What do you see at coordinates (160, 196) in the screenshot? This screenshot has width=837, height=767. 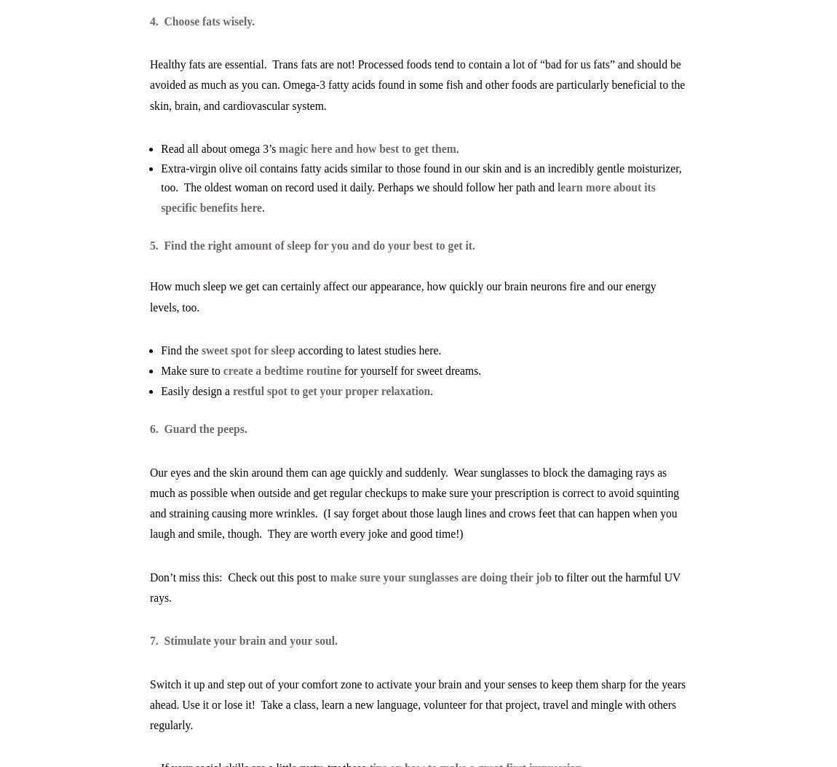 I see `'learn more about its specific benefits here'` at bounding box center [160, 196].